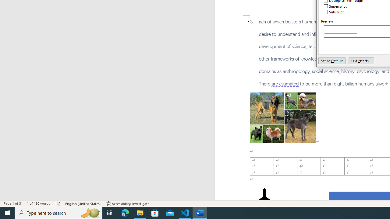 The width and height of the screenshot is (390, 219). I want to click on 'Page Number Page 1 of 3', so click(12, 203).